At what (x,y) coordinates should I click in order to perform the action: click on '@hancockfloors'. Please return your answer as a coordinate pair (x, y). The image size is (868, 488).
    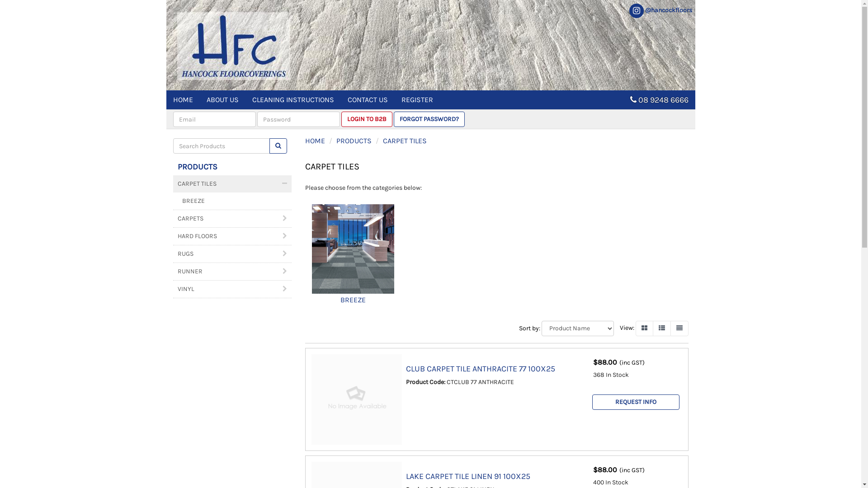
    Looking at the image, I should click on (660, 10).